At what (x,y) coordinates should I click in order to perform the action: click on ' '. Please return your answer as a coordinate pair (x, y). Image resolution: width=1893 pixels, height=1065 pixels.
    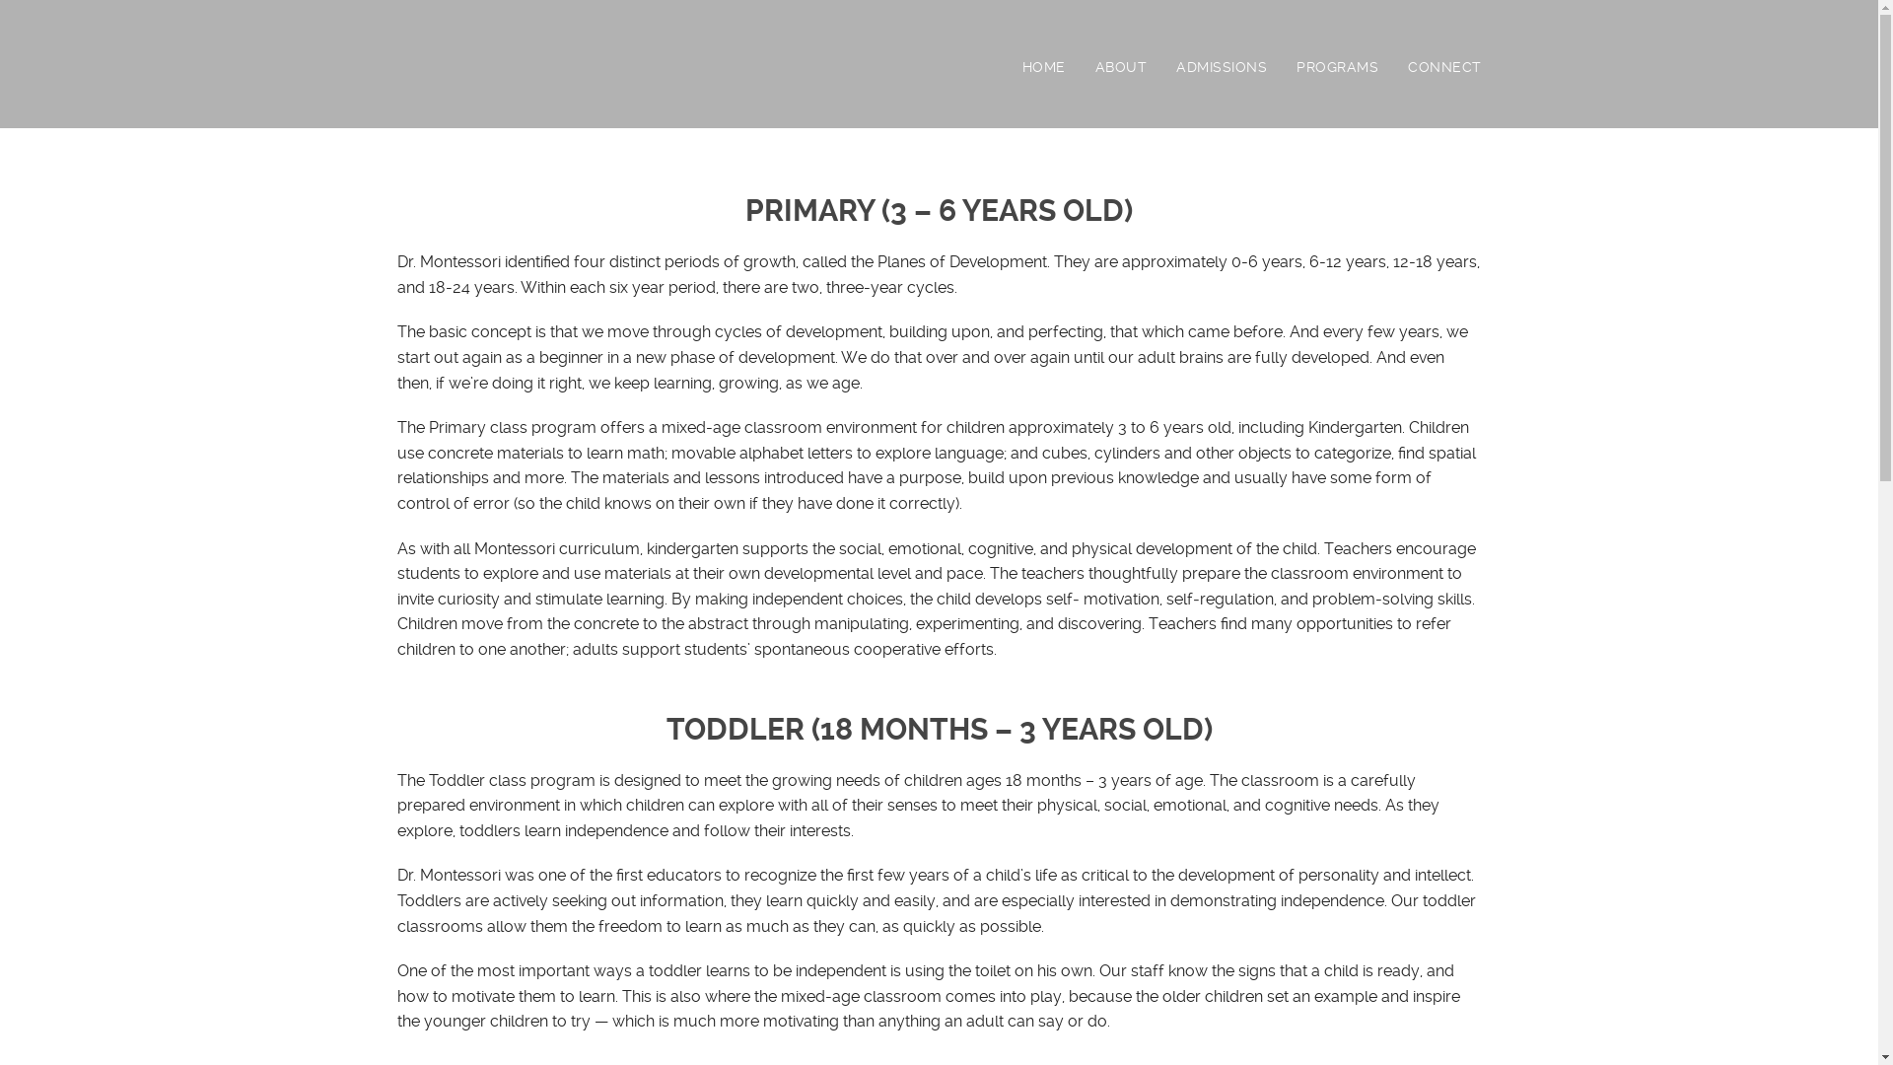
    Looking at the image, I should click on (395, 70).